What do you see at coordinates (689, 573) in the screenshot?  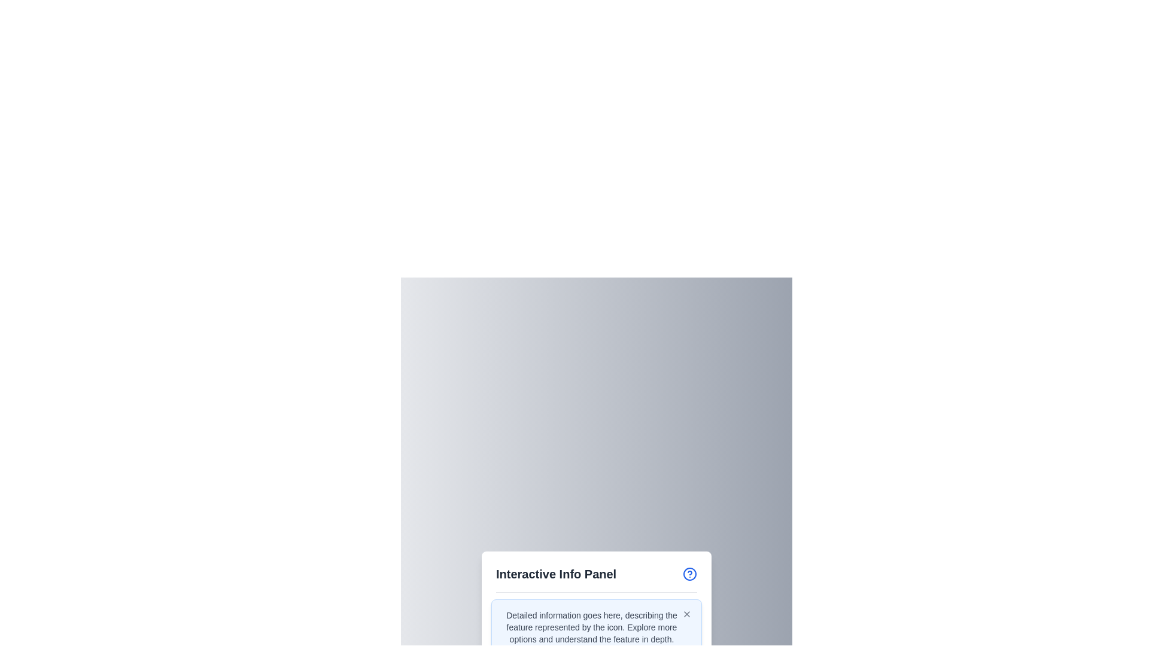 I see `the help icon located in the top-right corner of the 'Interactive Info Panel'` at bounding box center [689, 573].